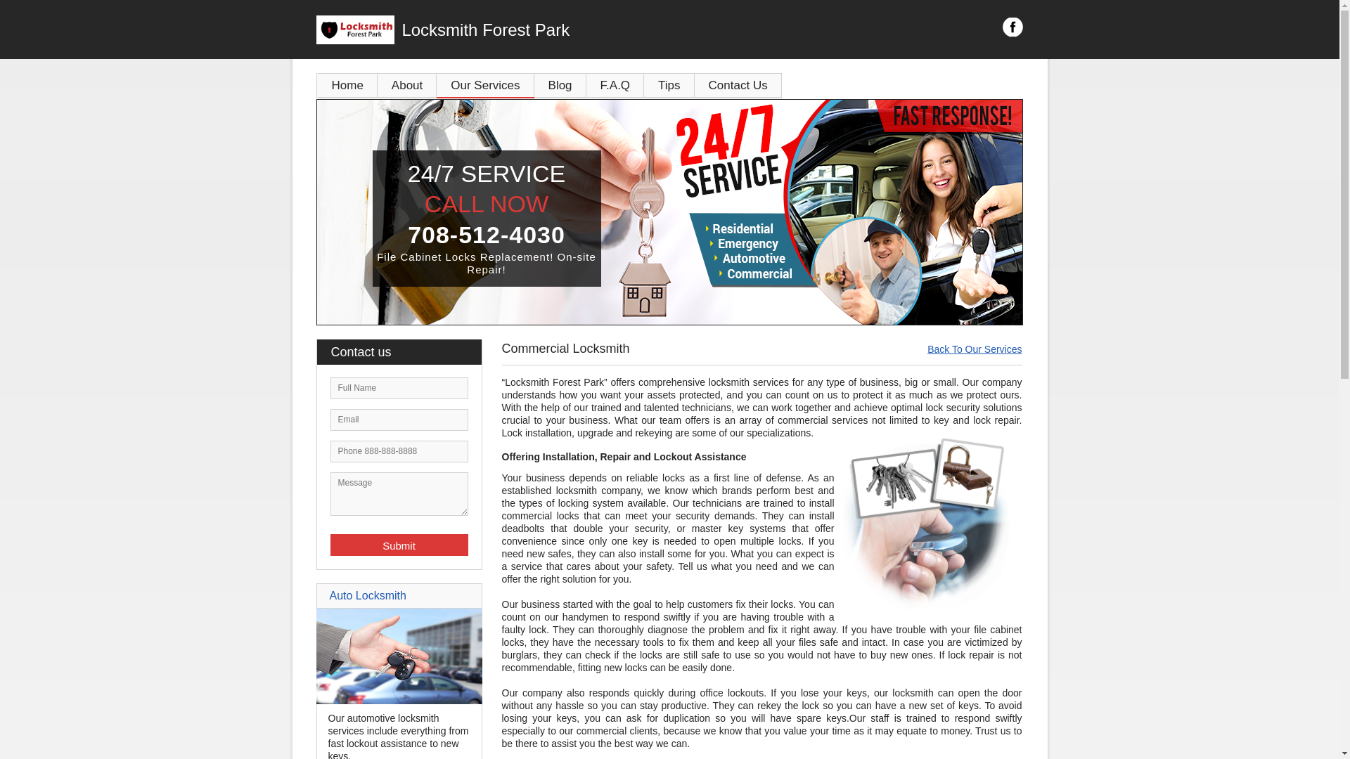  What do you see at coordinates (485, 85) in the screenshot?
I see `'Our Services'` at bounding box center [485, 85].